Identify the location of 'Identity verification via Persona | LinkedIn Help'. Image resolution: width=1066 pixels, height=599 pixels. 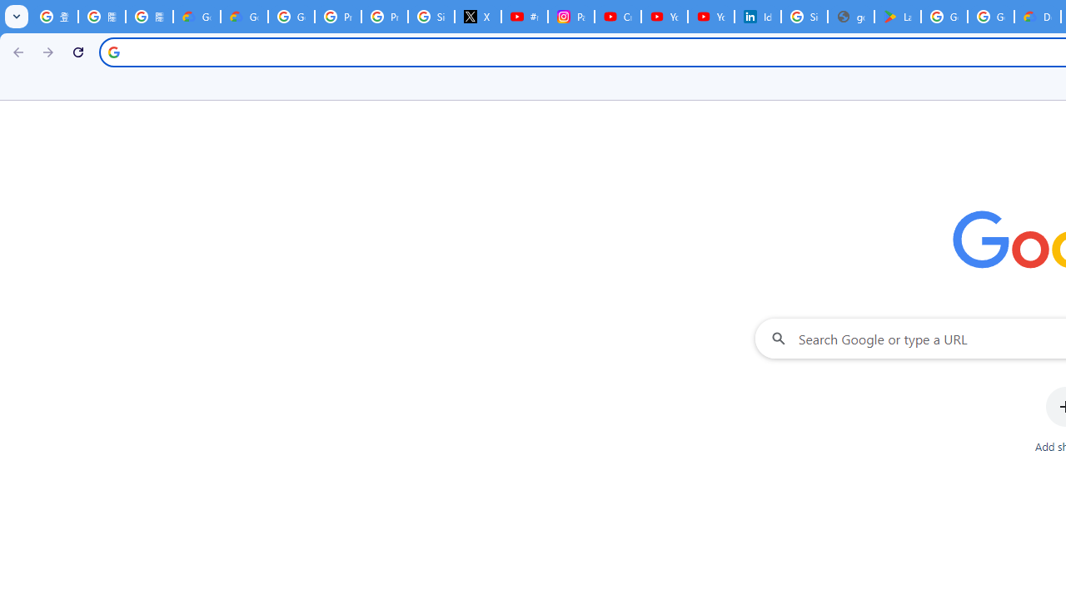
(757, 17).